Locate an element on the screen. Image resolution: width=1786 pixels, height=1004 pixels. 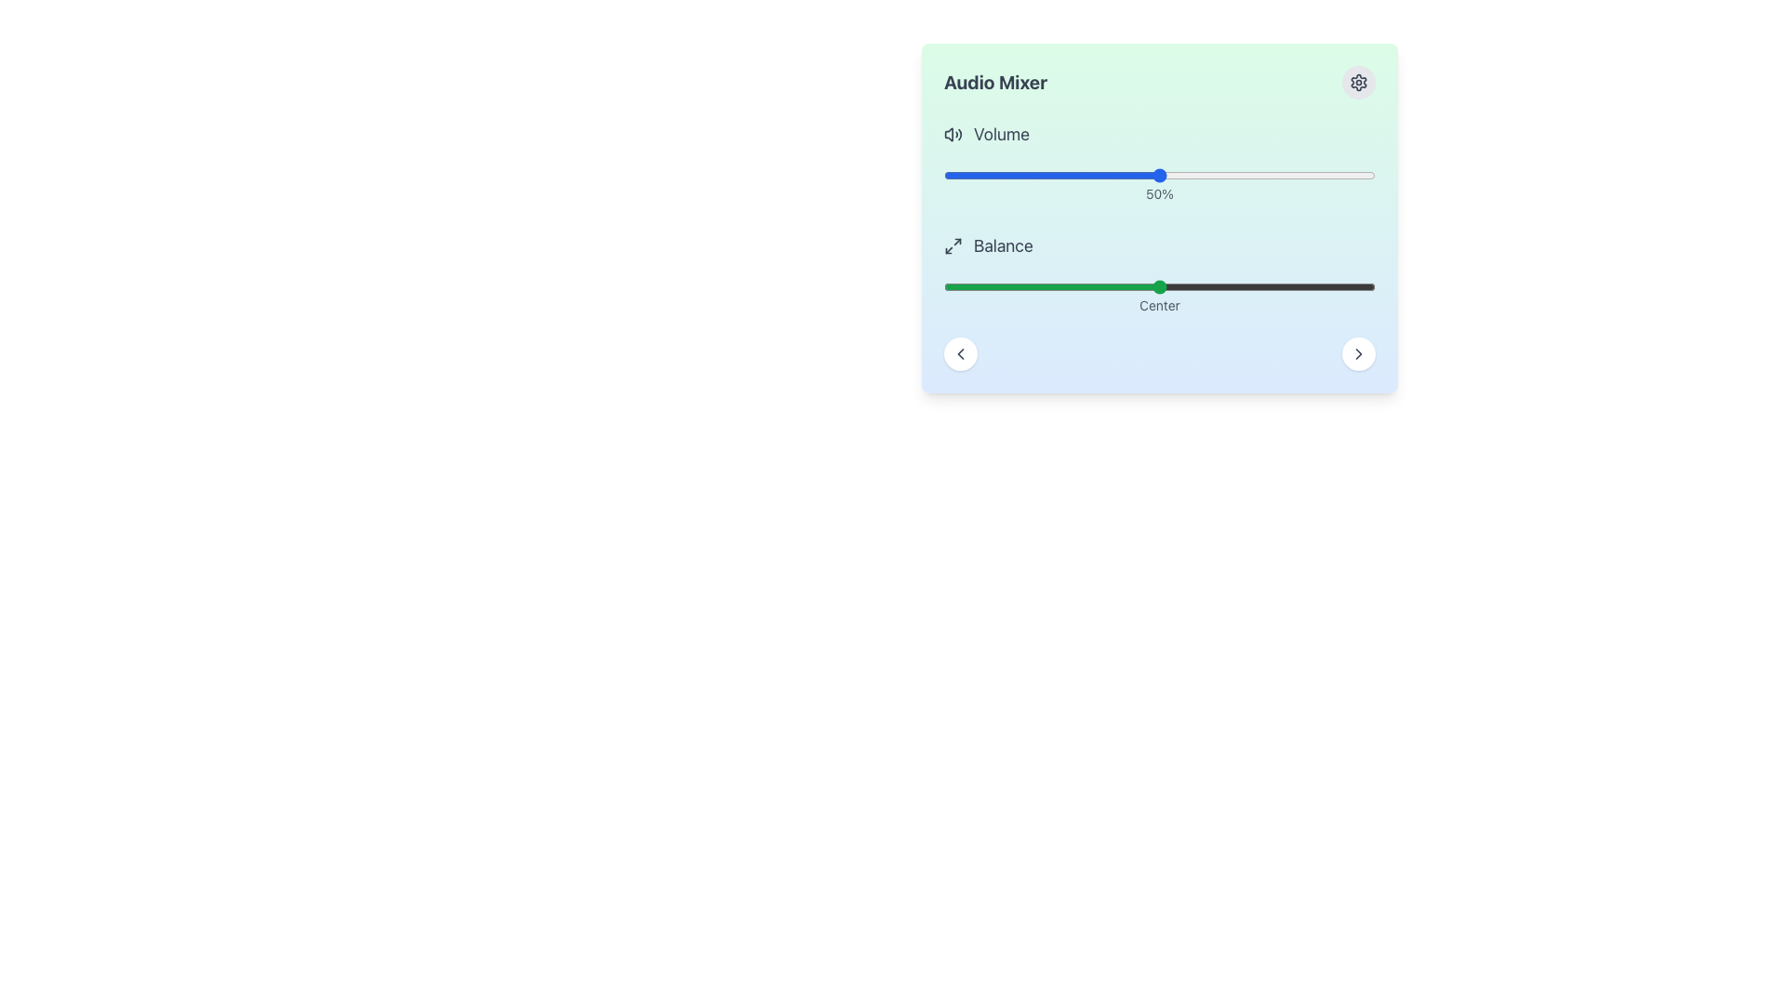
the volume is located at coordinates (1194, 176).